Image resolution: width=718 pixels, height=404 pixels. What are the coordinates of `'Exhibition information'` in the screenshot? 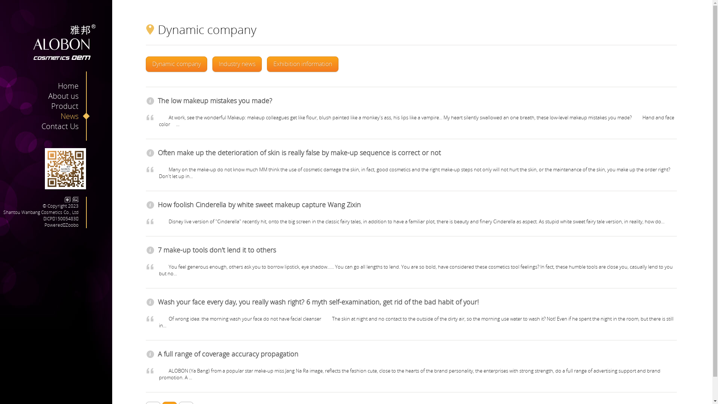 It's located at (303, 64).